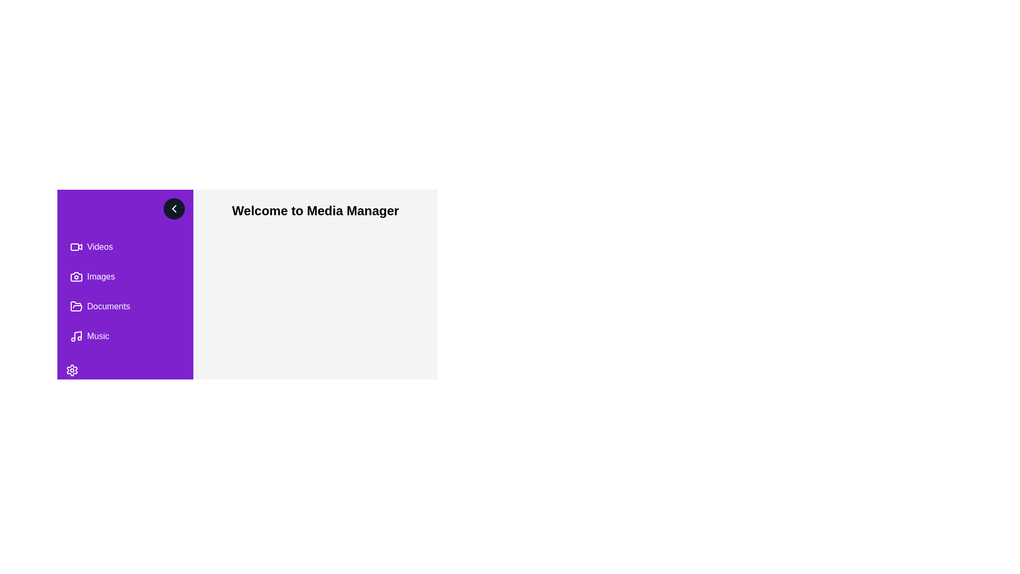 The height and width of the screenshot is (574, 1020). Describe the element at coordinates (71, 370) in the screenshot. I see `the settings button to open the settings menu` at that location.